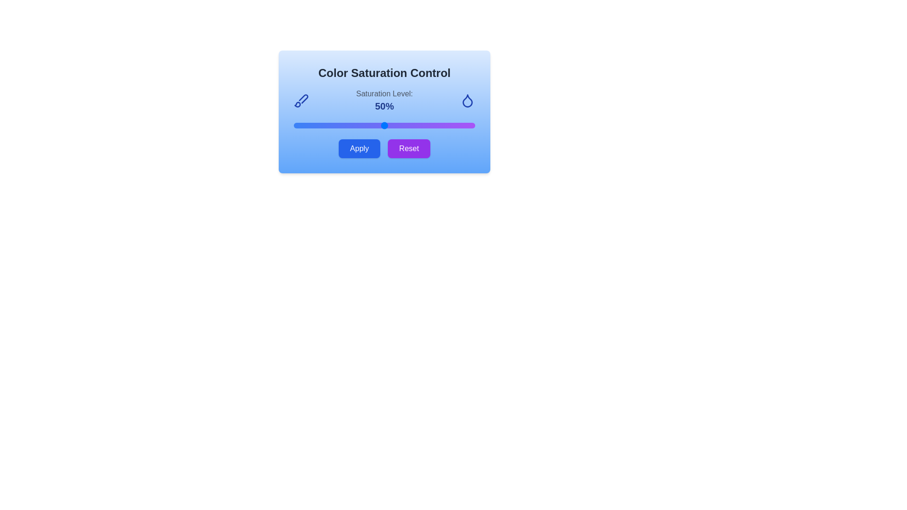 The height and width of the screenshot is (510, 907). Describe the element at coordinates (386, 125) in the screenshot. I see `the color saturation to 51% by adjusting the slider` at that location.